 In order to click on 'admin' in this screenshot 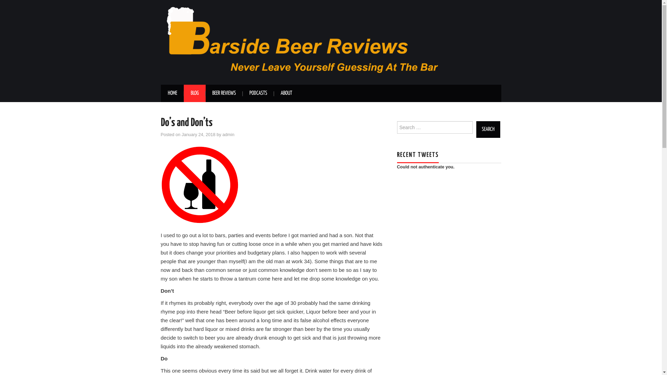, I will do `click(222, 135)`.